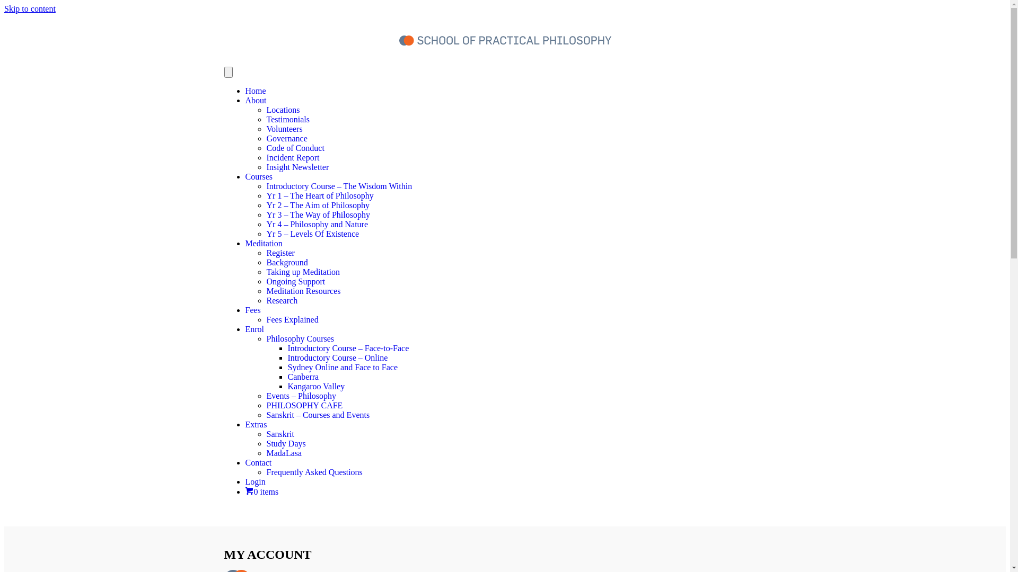 The height and width of the screenshot is (572, 1018). Describe the element at coordinates (293, 157) in the screenshot. I see `'Incident Report'` at that location.